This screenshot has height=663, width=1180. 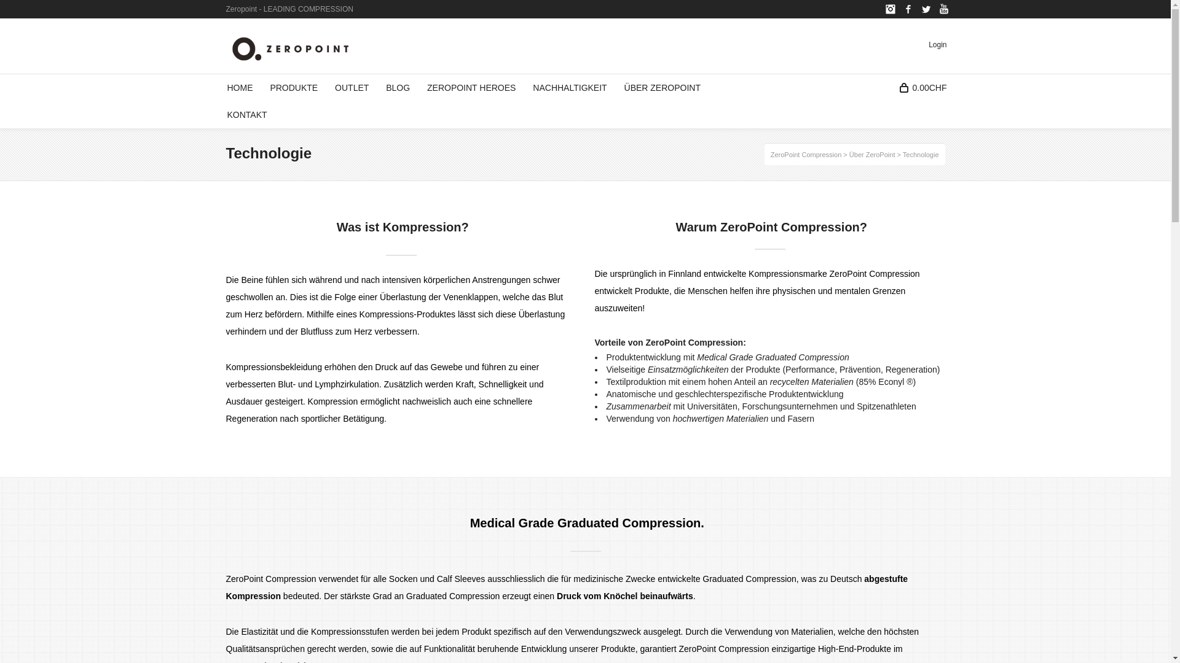 What do you see at coordinates (240, 87) in the screenshot?
I see `'HOME'` at bounding box center [240, 87].